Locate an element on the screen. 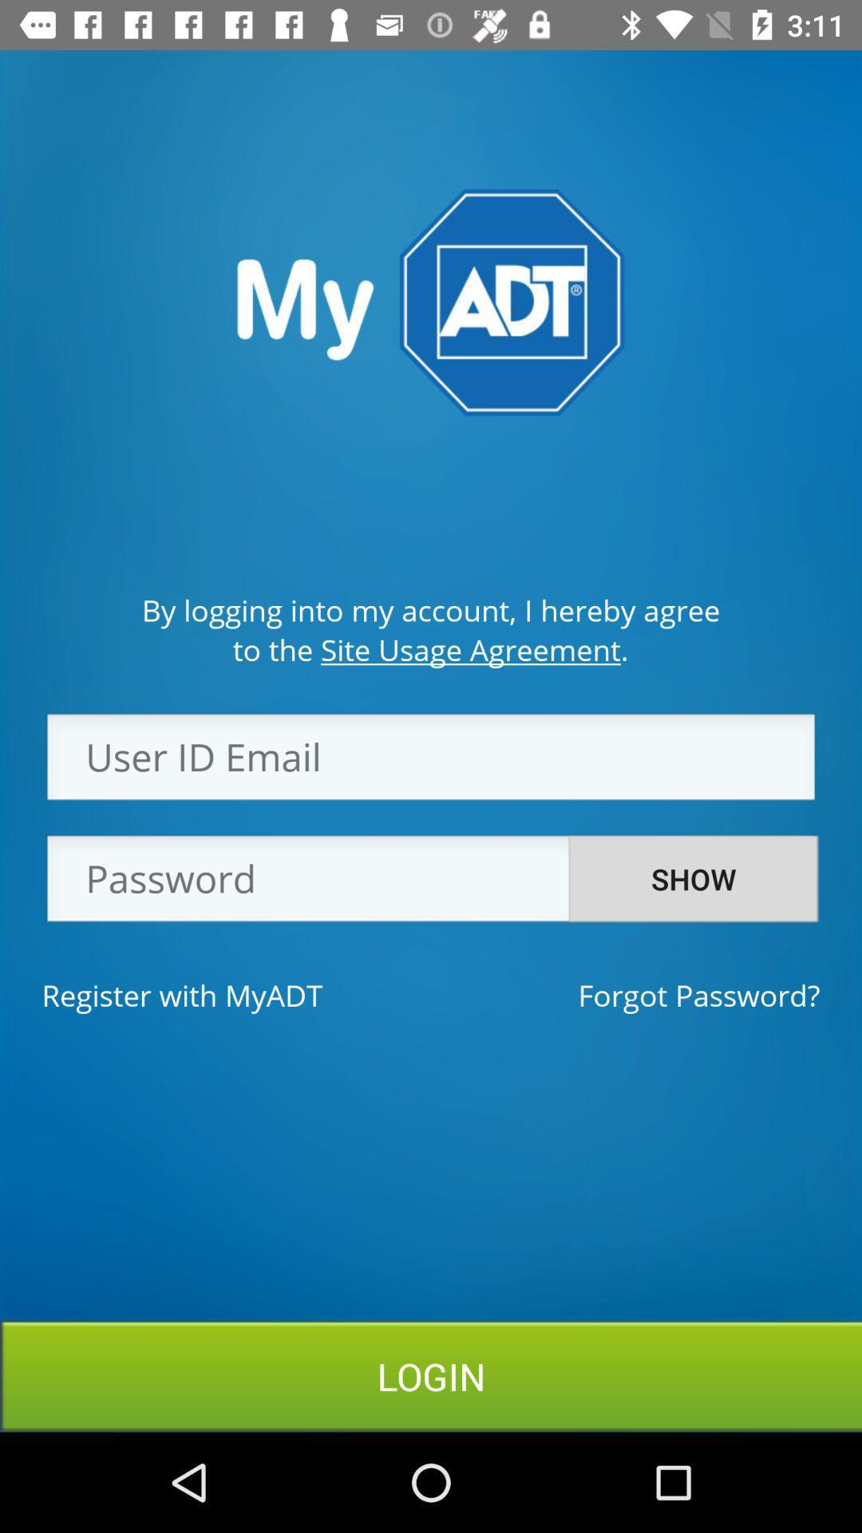  the login icon is located at coordinates (431, 1375).